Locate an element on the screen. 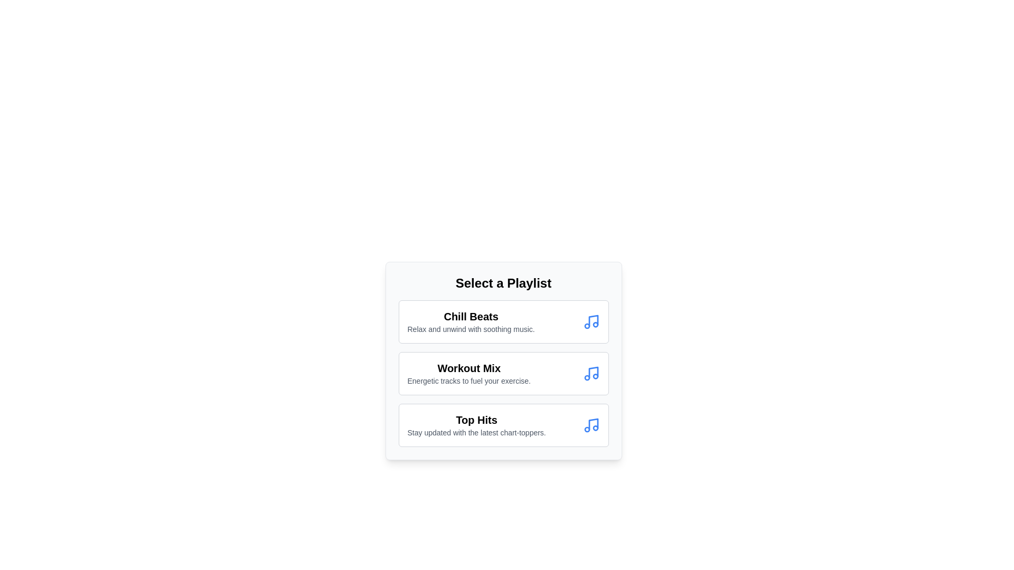 Image resolution: width=1014 pixels, height=570 pixels. the title text label of the playlist option, which indicates 'Energetic tracks to fuel your exercise.' and is positioned between the 'Chill Beats' and 'Top Hits' cards is located at coordinates (468, 368).